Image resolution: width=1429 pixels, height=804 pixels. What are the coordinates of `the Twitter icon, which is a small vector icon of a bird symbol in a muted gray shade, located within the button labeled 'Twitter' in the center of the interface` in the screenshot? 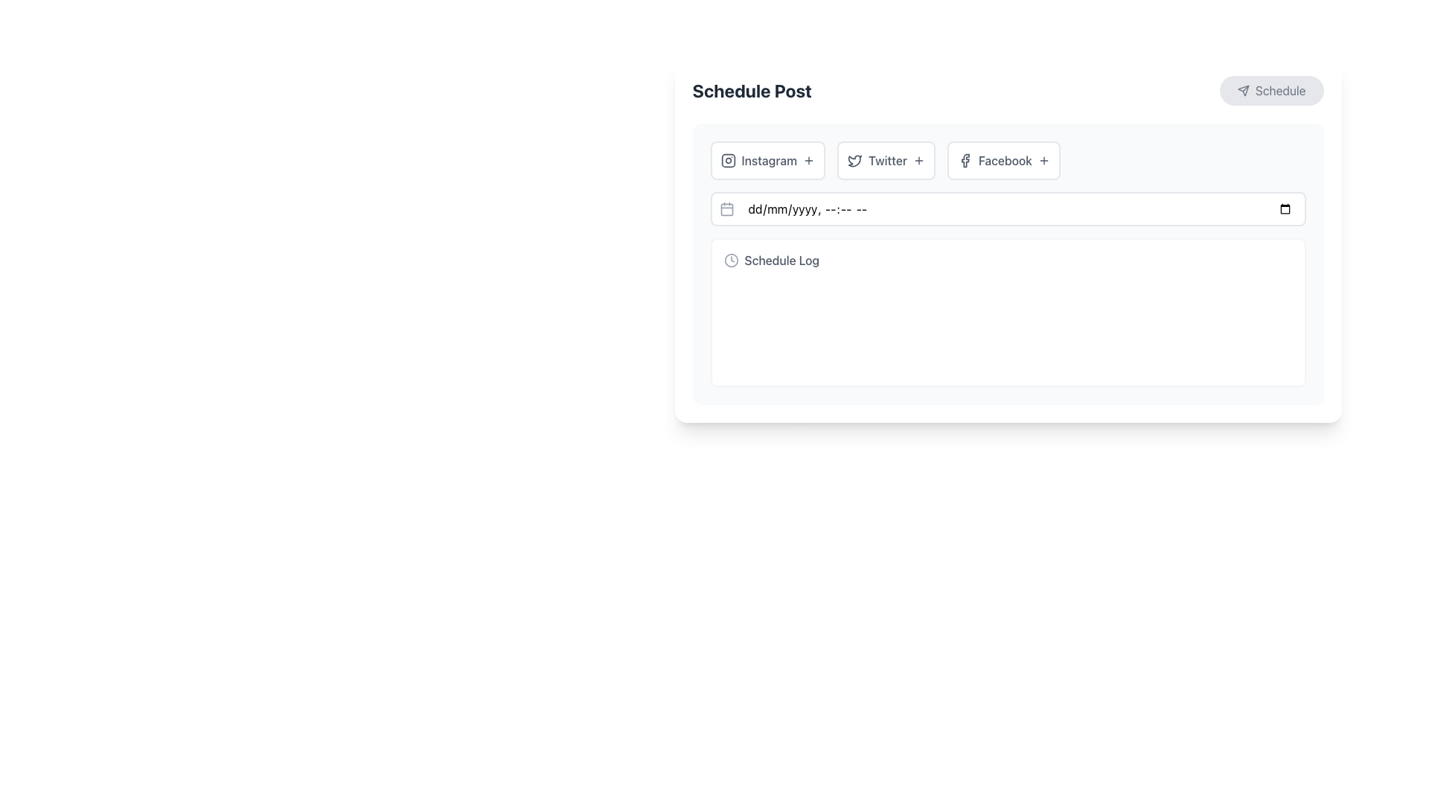 It's located at (854, 161).